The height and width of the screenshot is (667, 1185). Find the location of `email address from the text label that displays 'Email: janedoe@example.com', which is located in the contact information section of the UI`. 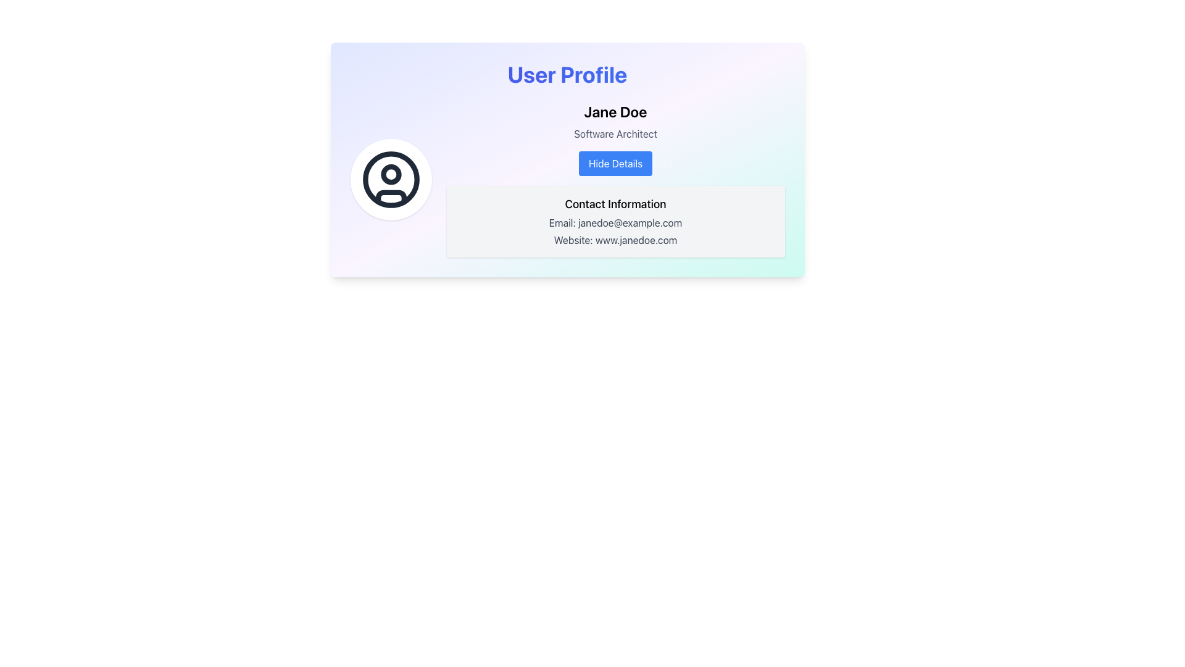

email address from the text label that displays 'Email: janedoe@example.com', which is located in the contact information section of the UI is located at coordinates (615, 223).